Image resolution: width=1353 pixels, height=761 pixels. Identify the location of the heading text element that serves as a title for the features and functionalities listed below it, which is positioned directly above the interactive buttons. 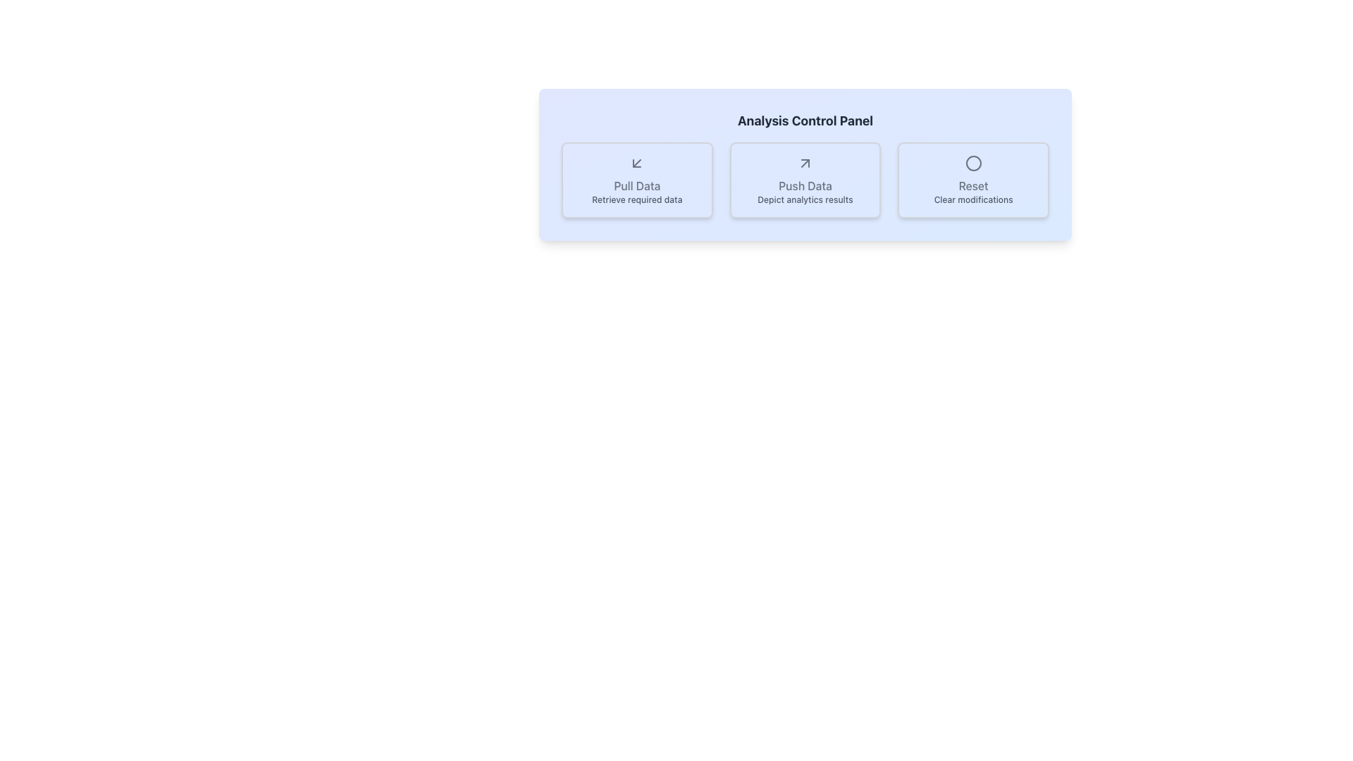
(805, 120).